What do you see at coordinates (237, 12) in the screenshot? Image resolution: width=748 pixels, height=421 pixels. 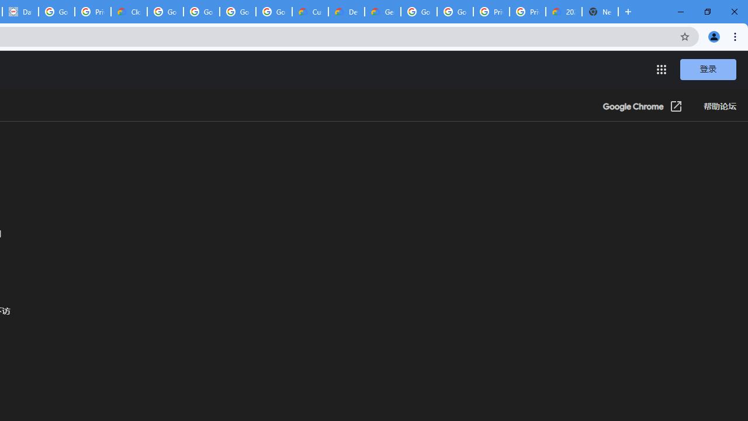 I see `'Google Workspace - Specific Terms'` at bounding box center [237, 12].